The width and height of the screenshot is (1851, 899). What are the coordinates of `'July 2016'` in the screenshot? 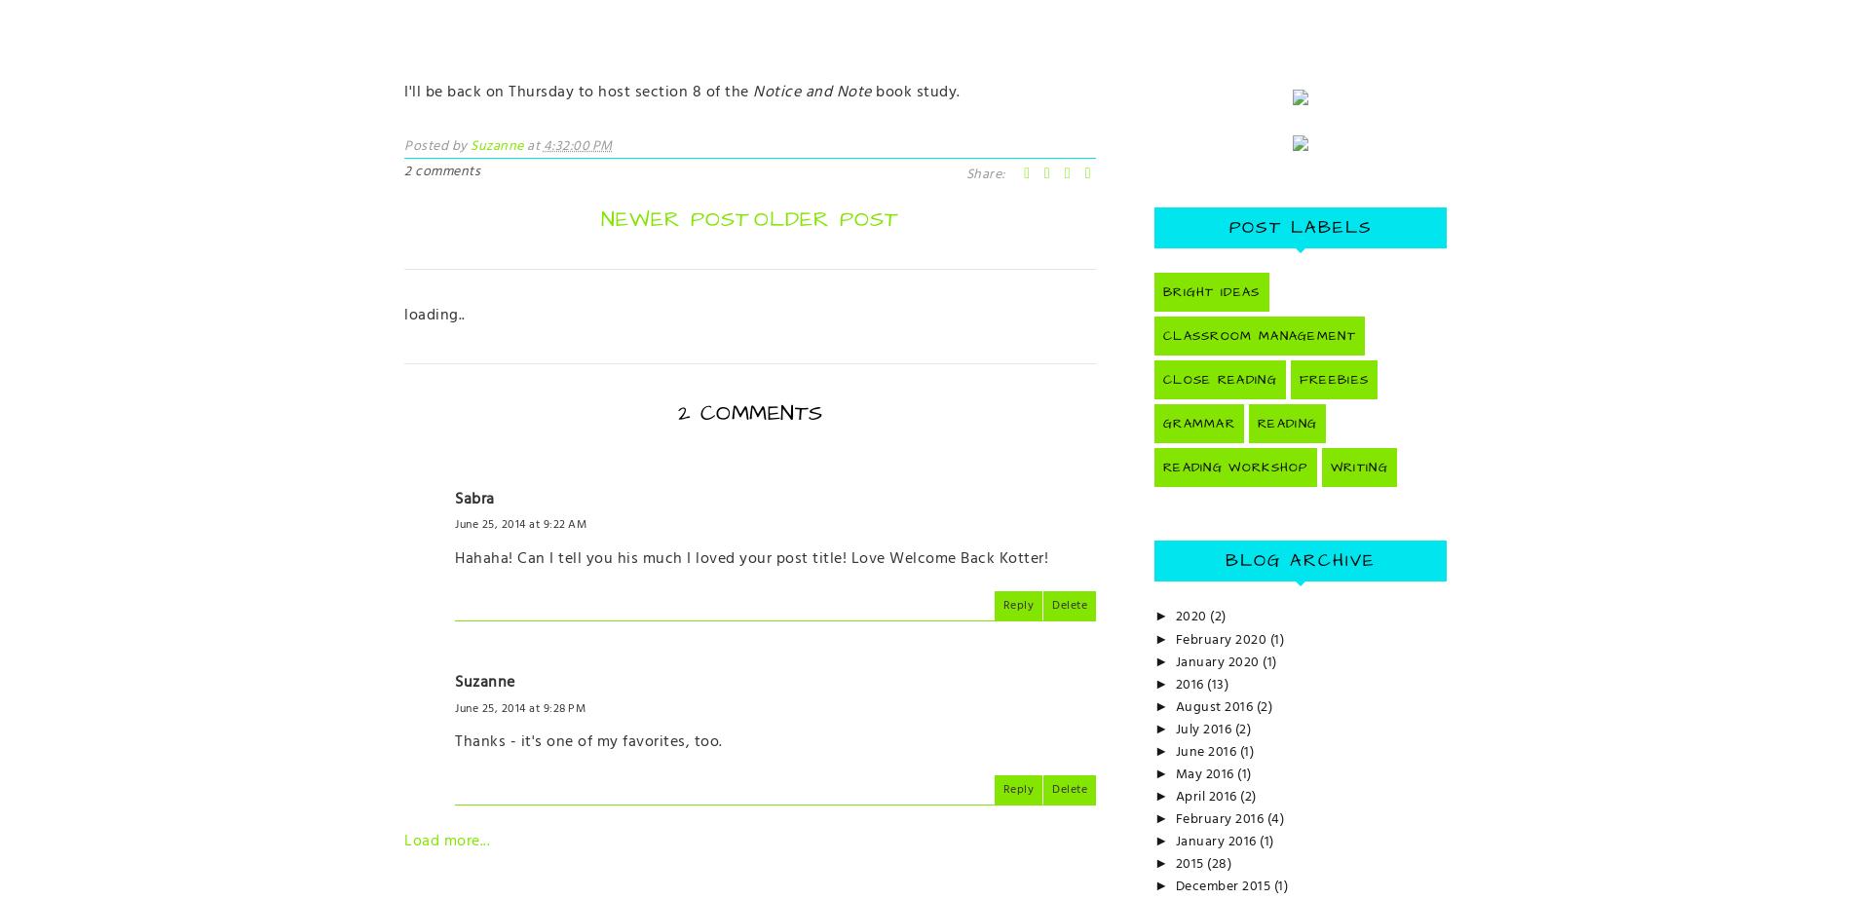 It's located at (1203, 728).